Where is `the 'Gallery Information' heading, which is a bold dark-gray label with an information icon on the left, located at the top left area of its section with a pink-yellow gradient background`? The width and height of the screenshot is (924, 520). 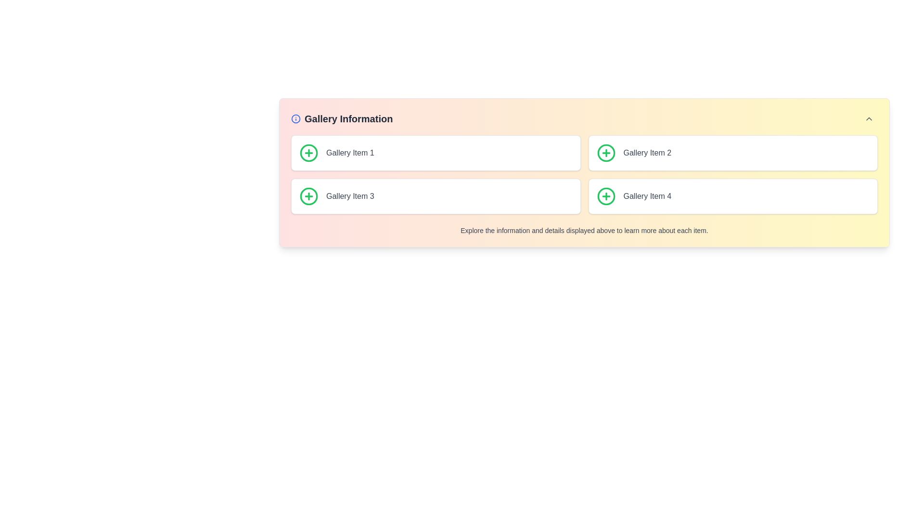 the 'Gallery Information' heading, which is a bold dark-gray label with an information icon on the left, located at the top left area of its section with a pink-yellow gradient background is located at coordinates (342, 118).